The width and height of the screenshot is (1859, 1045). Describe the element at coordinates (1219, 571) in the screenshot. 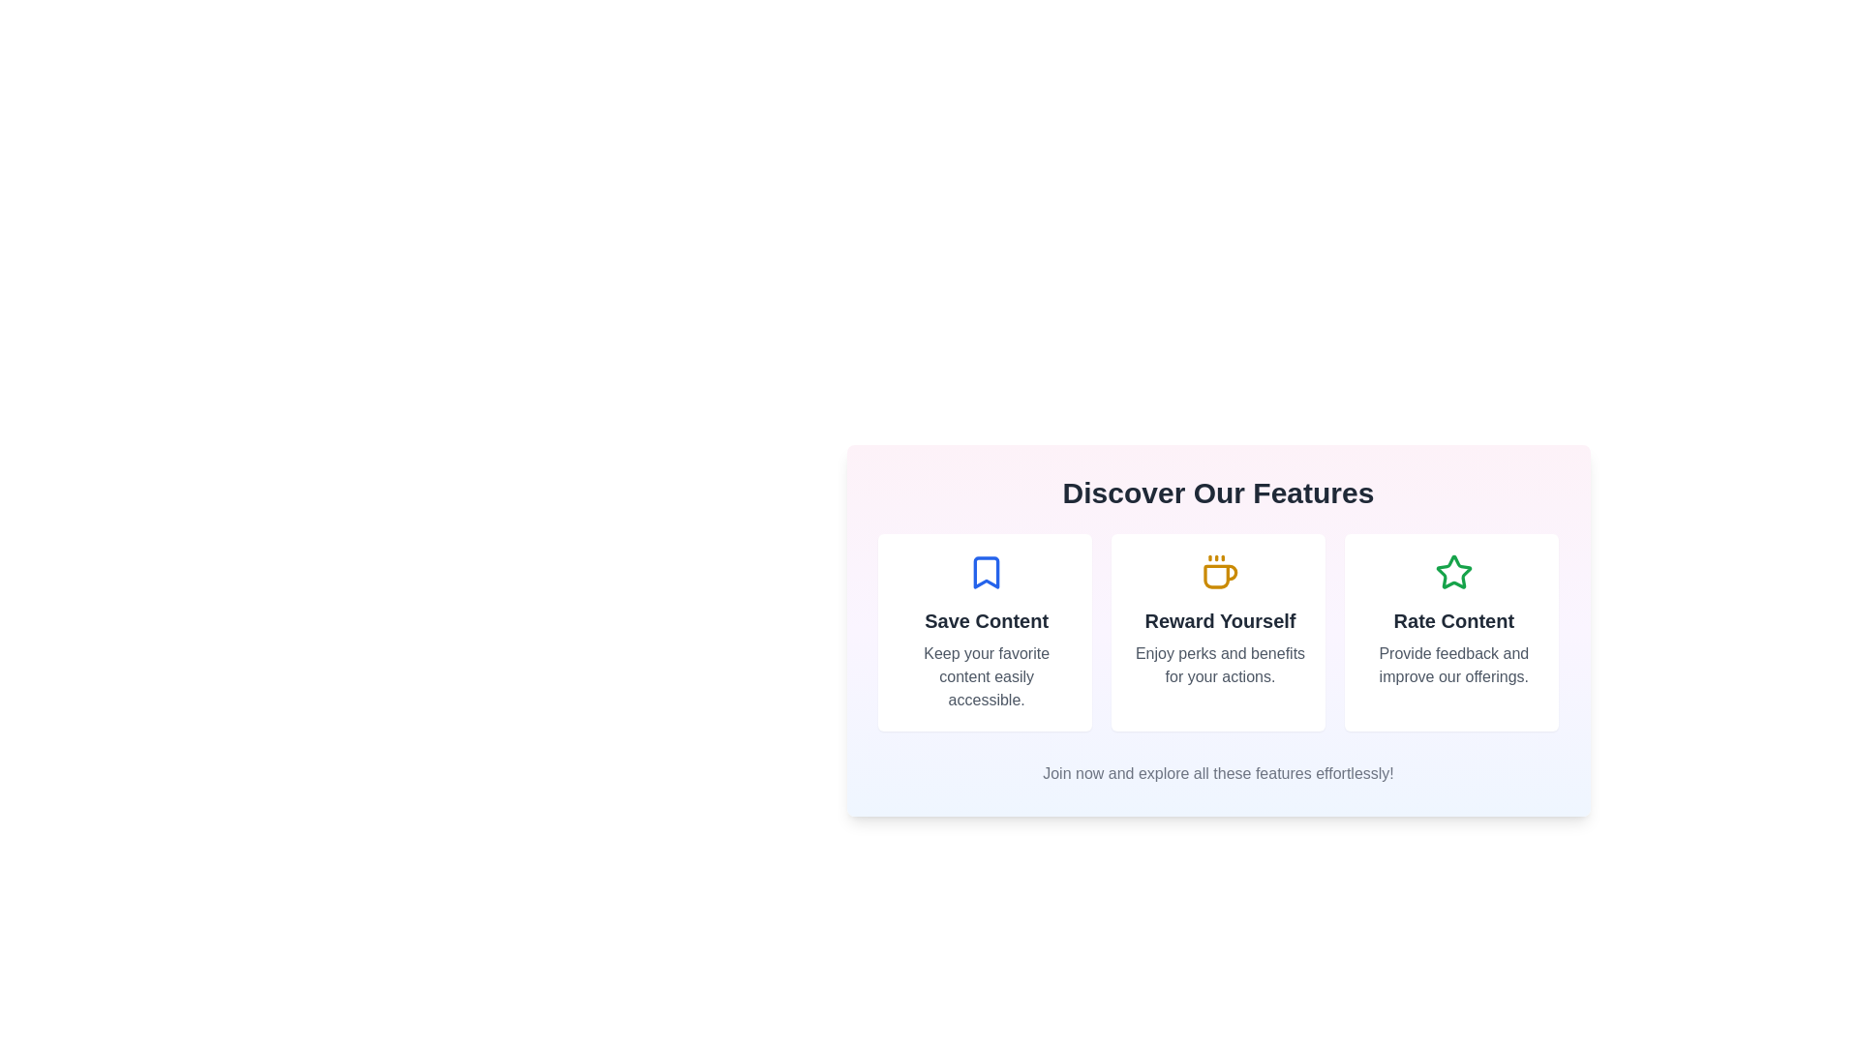

I see `the vibrant yellow coffee cup icon with steam rising, located in the second column under 'Discover Our Features', above 'Reward Yourself'` at that location.